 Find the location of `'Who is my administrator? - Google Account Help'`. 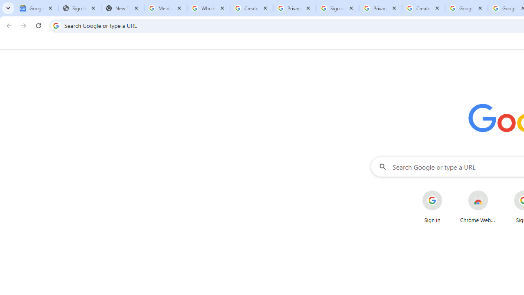

'Who is my administrator? - Google Account Help' is located at coordinates (208, 8).